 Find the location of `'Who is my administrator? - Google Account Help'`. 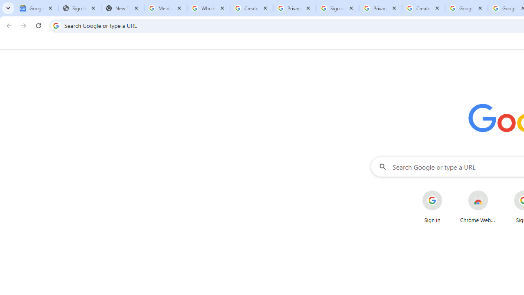

'Who is my administrator? - Google Account Help' is located at coordinates (208, 8).